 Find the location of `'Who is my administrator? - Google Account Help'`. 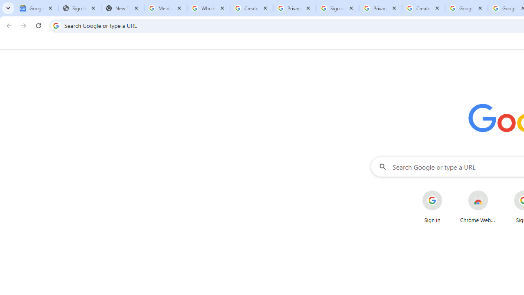

'Who is my administrator? - Google Account Help' is located at coordinates (208, 8).